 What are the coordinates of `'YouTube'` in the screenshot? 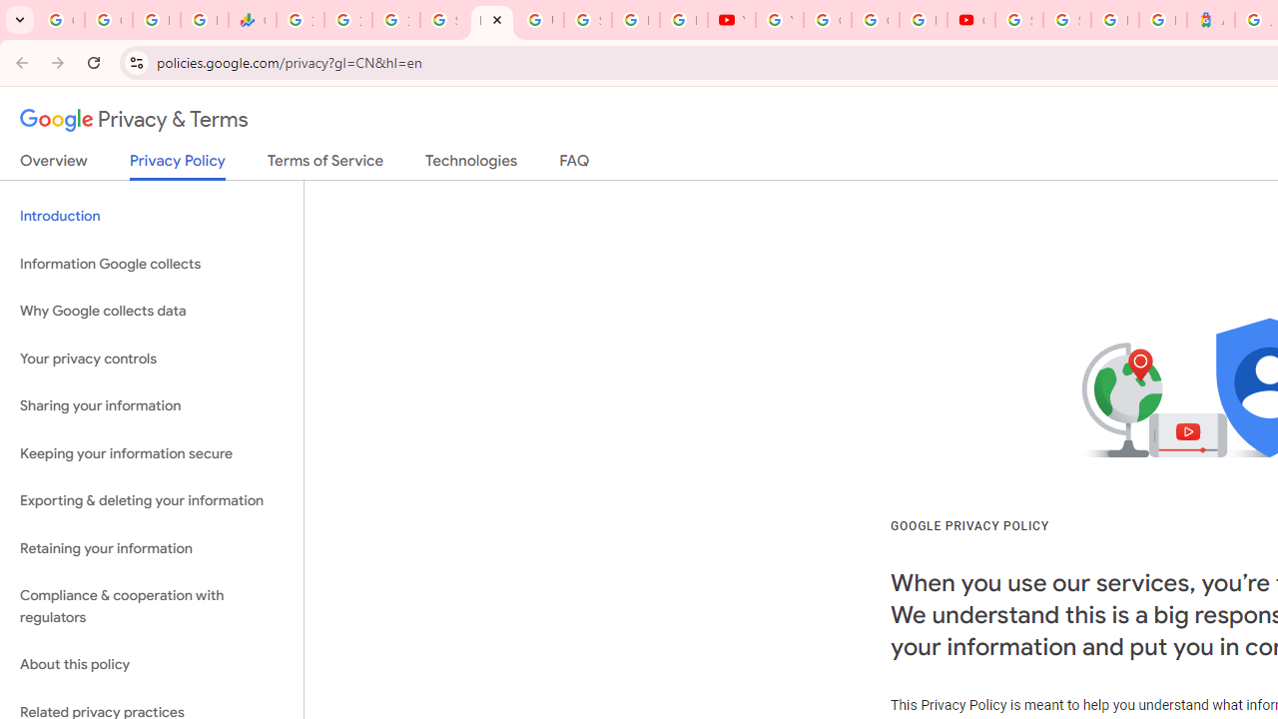 It's located at (730, 20).